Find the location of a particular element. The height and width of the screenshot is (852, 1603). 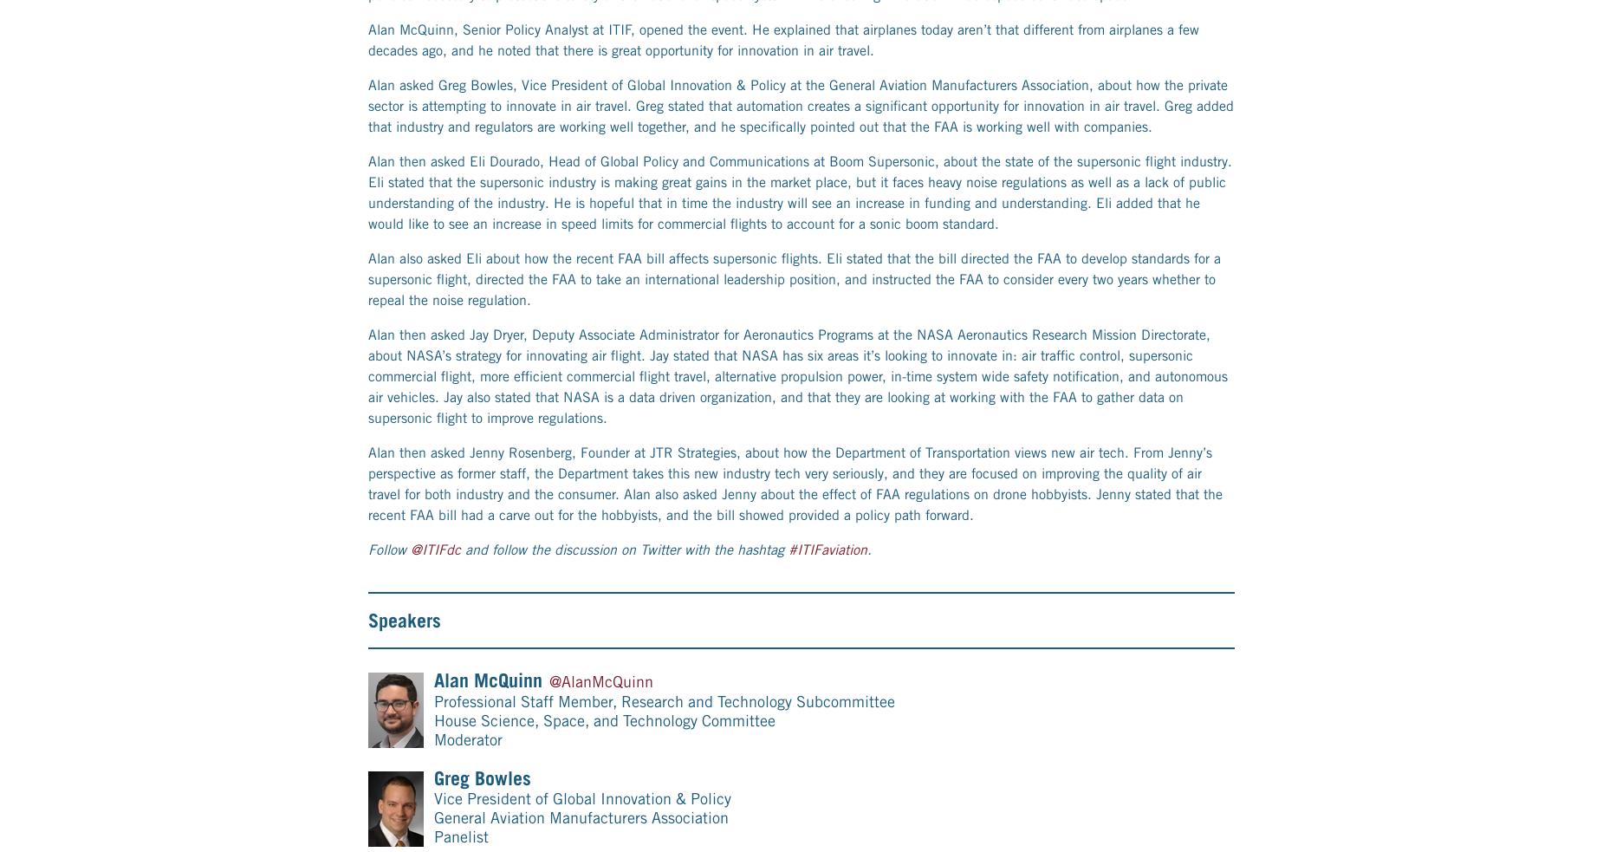

'Dourado' is located at coordinates (491, 68).